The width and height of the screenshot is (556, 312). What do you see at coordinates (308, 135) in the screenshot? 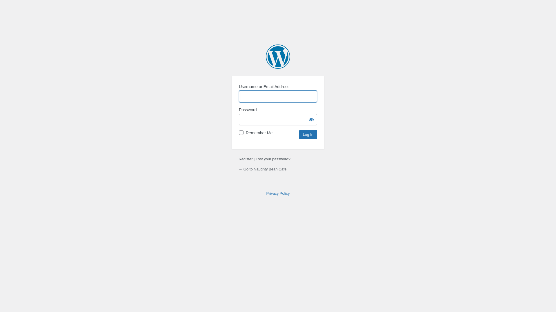
I see `'Log In'` at bounding box center [308, 135].